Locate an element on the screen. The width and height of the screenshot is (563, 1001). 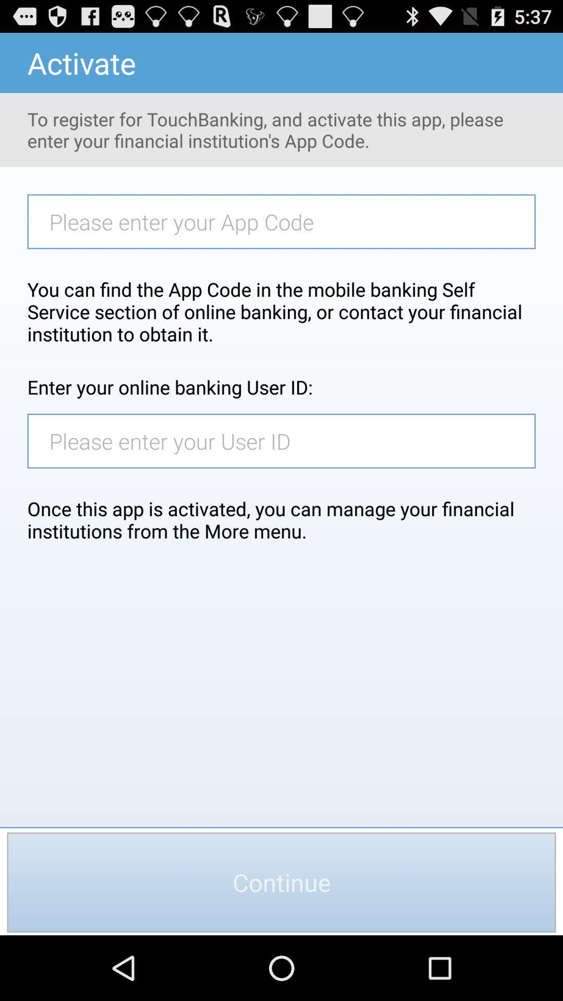
item below to register for item is located at coordinates (287, 221).